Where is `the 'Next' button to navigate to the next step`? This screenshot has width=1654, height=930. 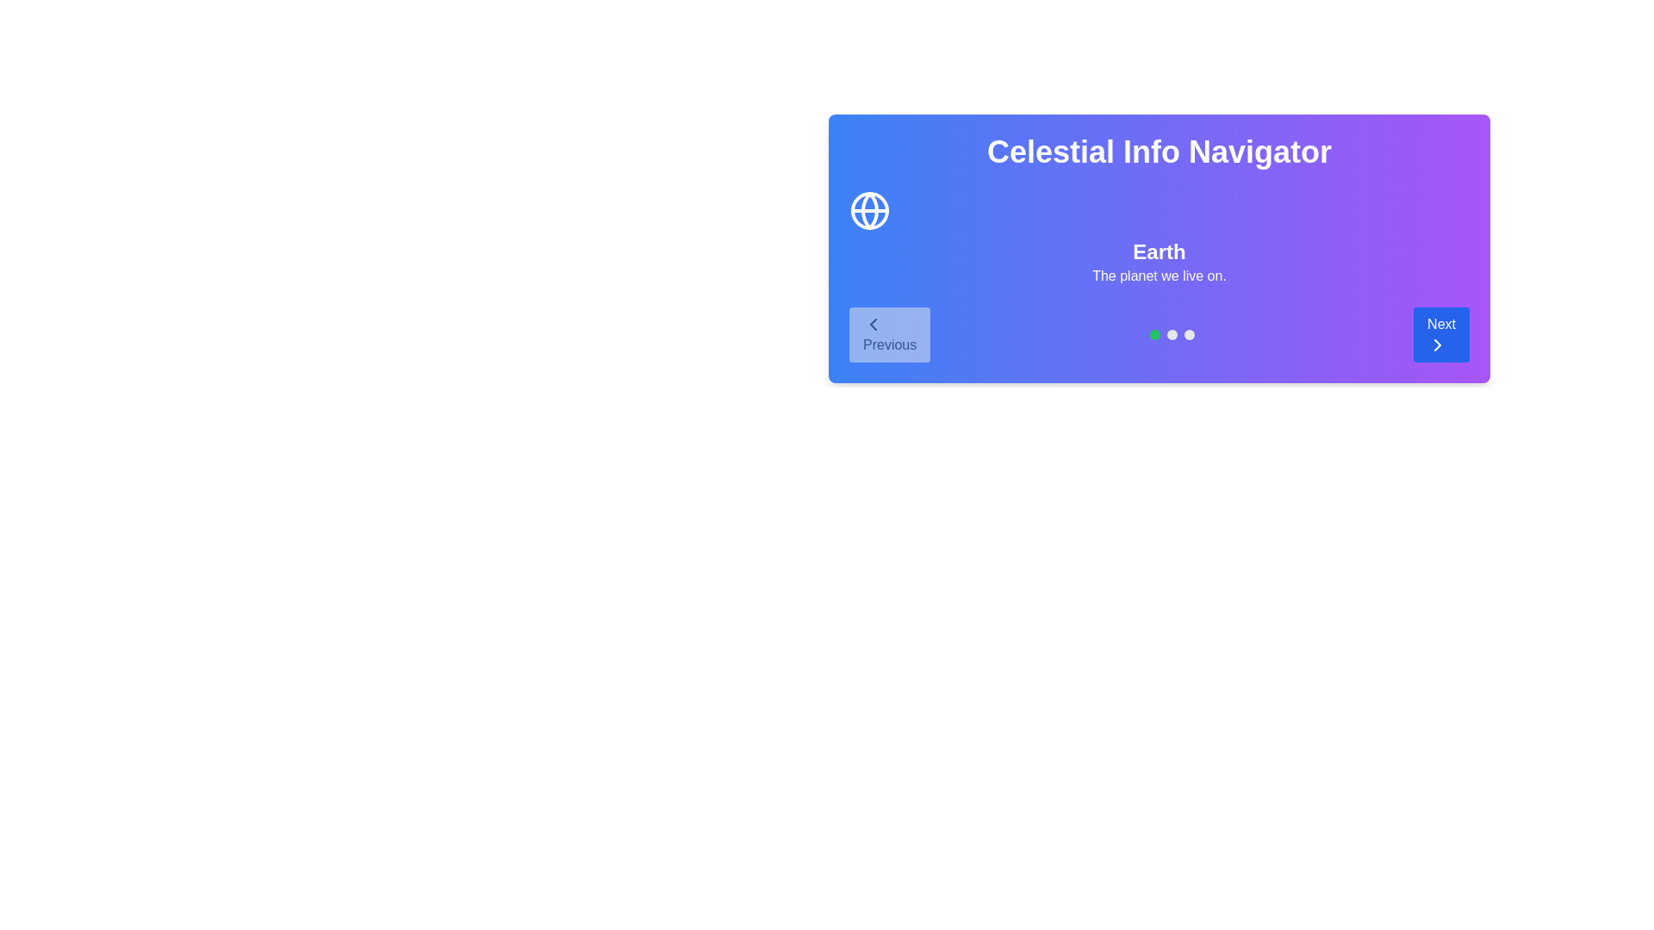
the 'Next' button to navigate to the next step is located at coordinates (1441, 335).